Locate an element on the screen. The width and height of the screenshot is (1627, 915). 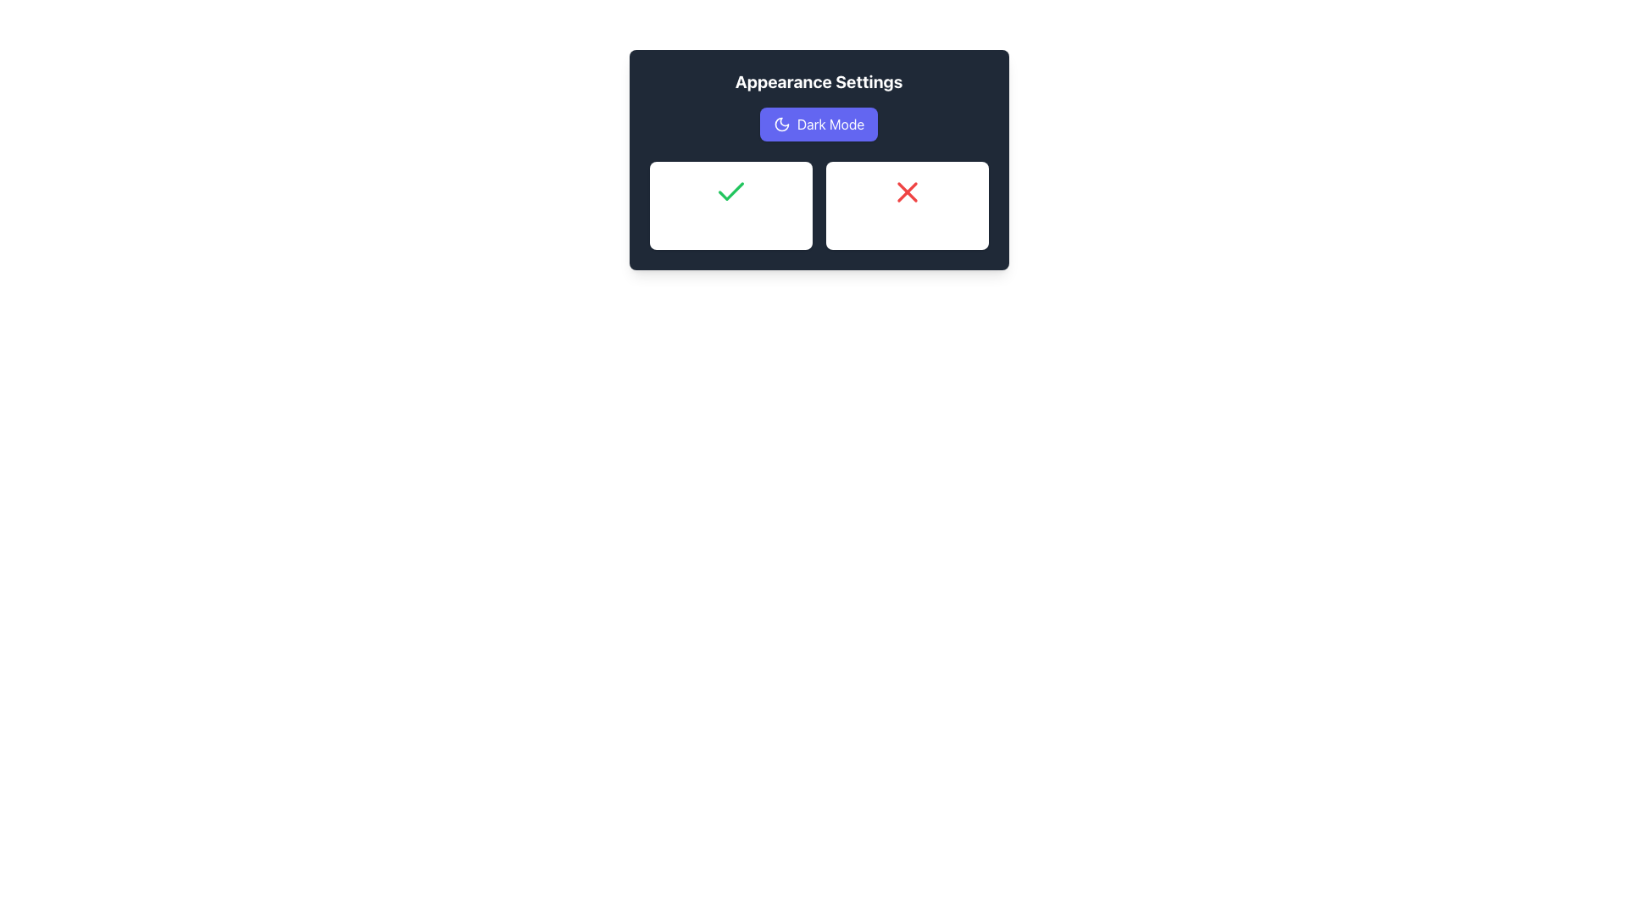
the confirmation icon located under the 'Appearance Settings' heading is located at coordinates (730, 191).